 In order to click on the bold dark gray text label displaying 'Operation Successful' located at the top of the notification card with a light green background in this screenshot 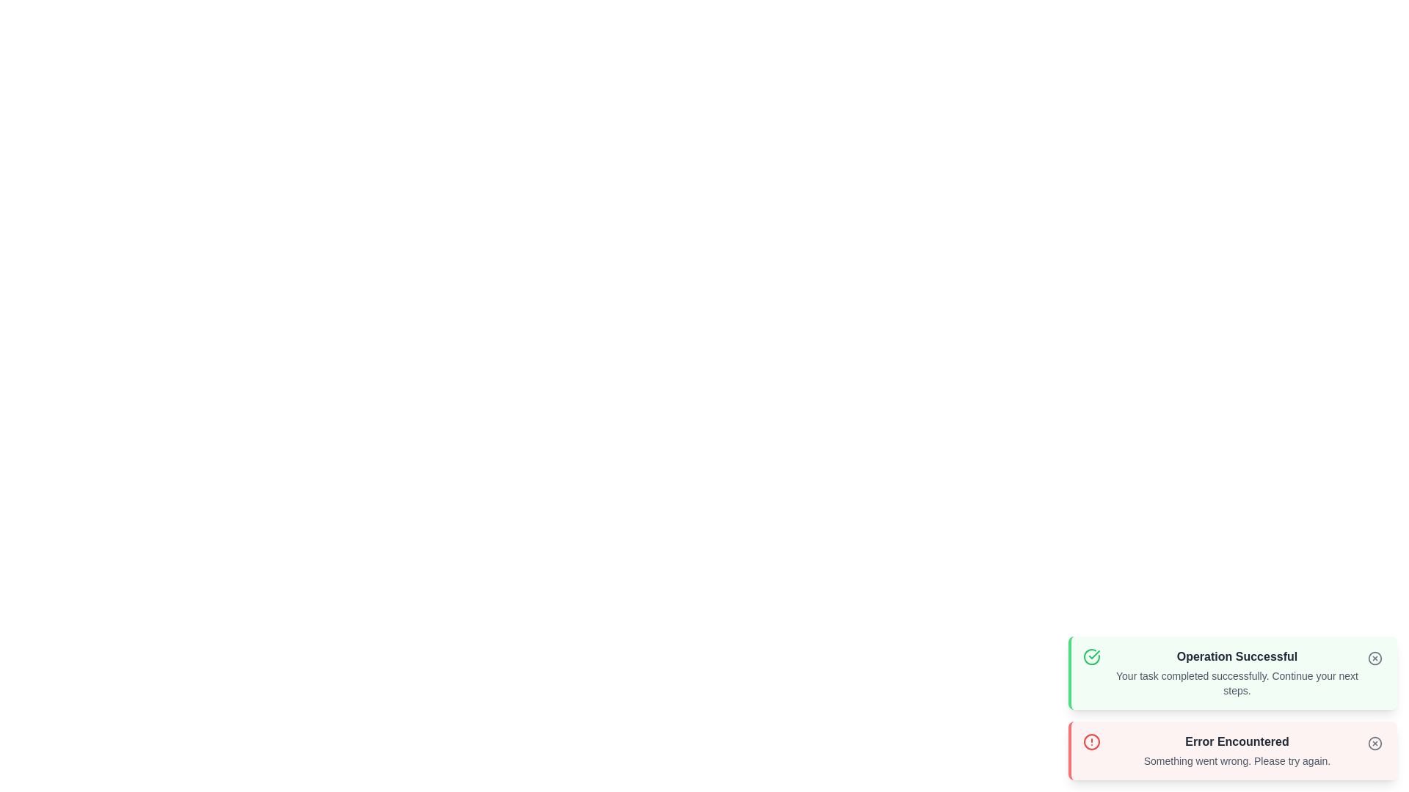, I will do `click(1236, 656)`.